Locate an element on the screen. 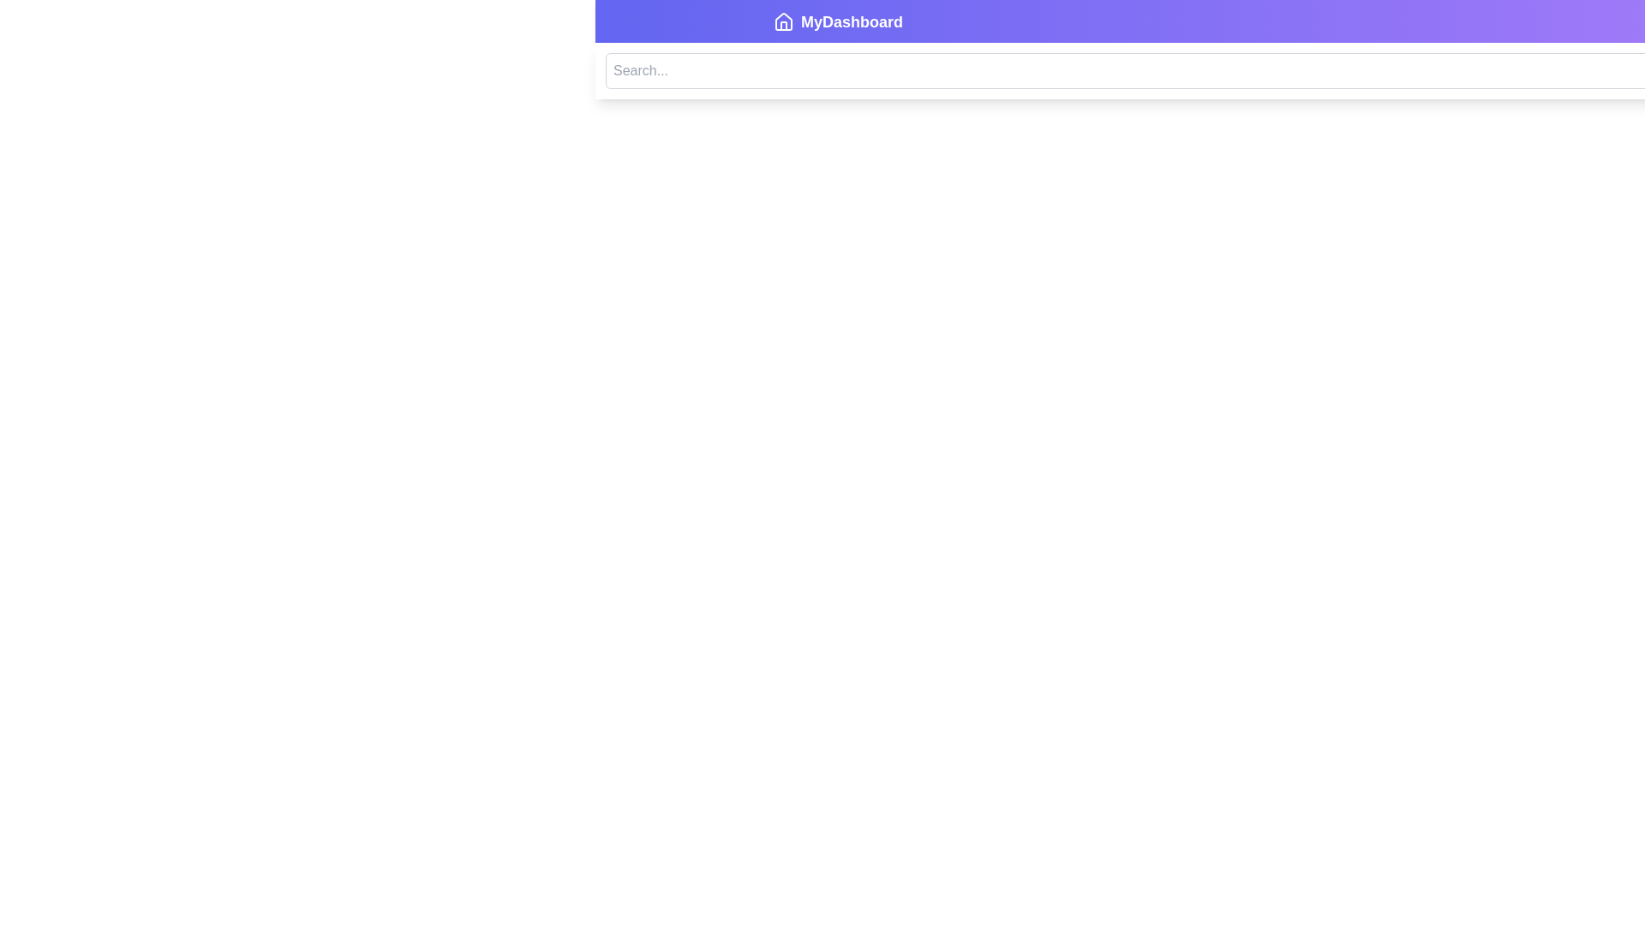 This screenshot has height=925, width=1645. the navigation icon located to the left of the 'MyDashboard' label is located at coordinates (783, 22).